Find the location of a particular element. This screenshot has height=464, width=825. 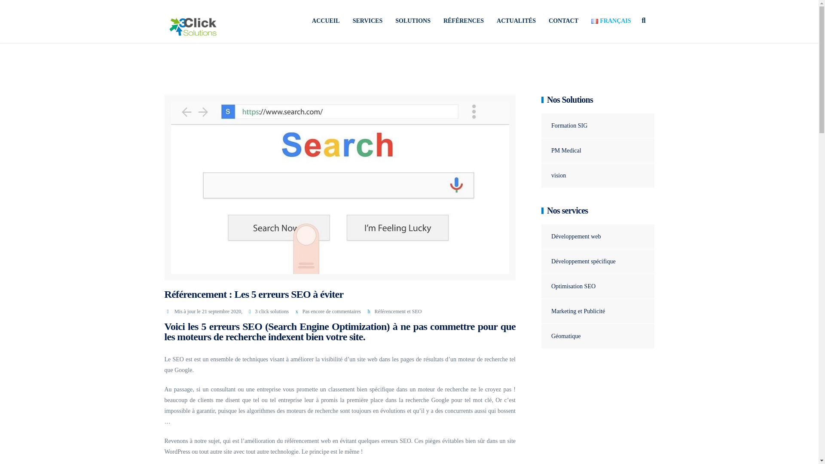

'3 click solutions' is located at coordinates (272, 311).